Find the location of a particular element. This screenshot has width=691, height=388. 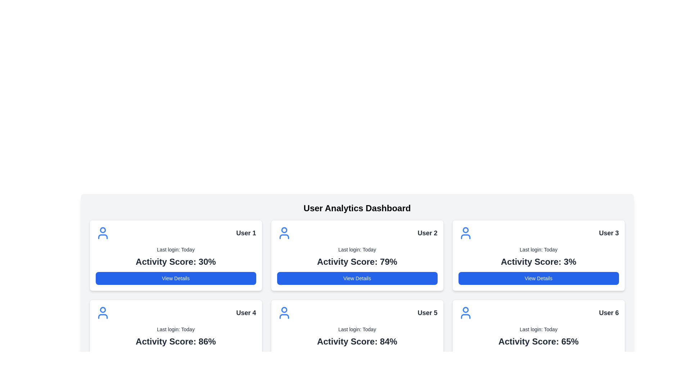

the 'View Details' button with a blue background and white text located at the bottom of the 'User 2' card in the User Analytics Dashboard to observe a style change is located at coordinates (357, 278).